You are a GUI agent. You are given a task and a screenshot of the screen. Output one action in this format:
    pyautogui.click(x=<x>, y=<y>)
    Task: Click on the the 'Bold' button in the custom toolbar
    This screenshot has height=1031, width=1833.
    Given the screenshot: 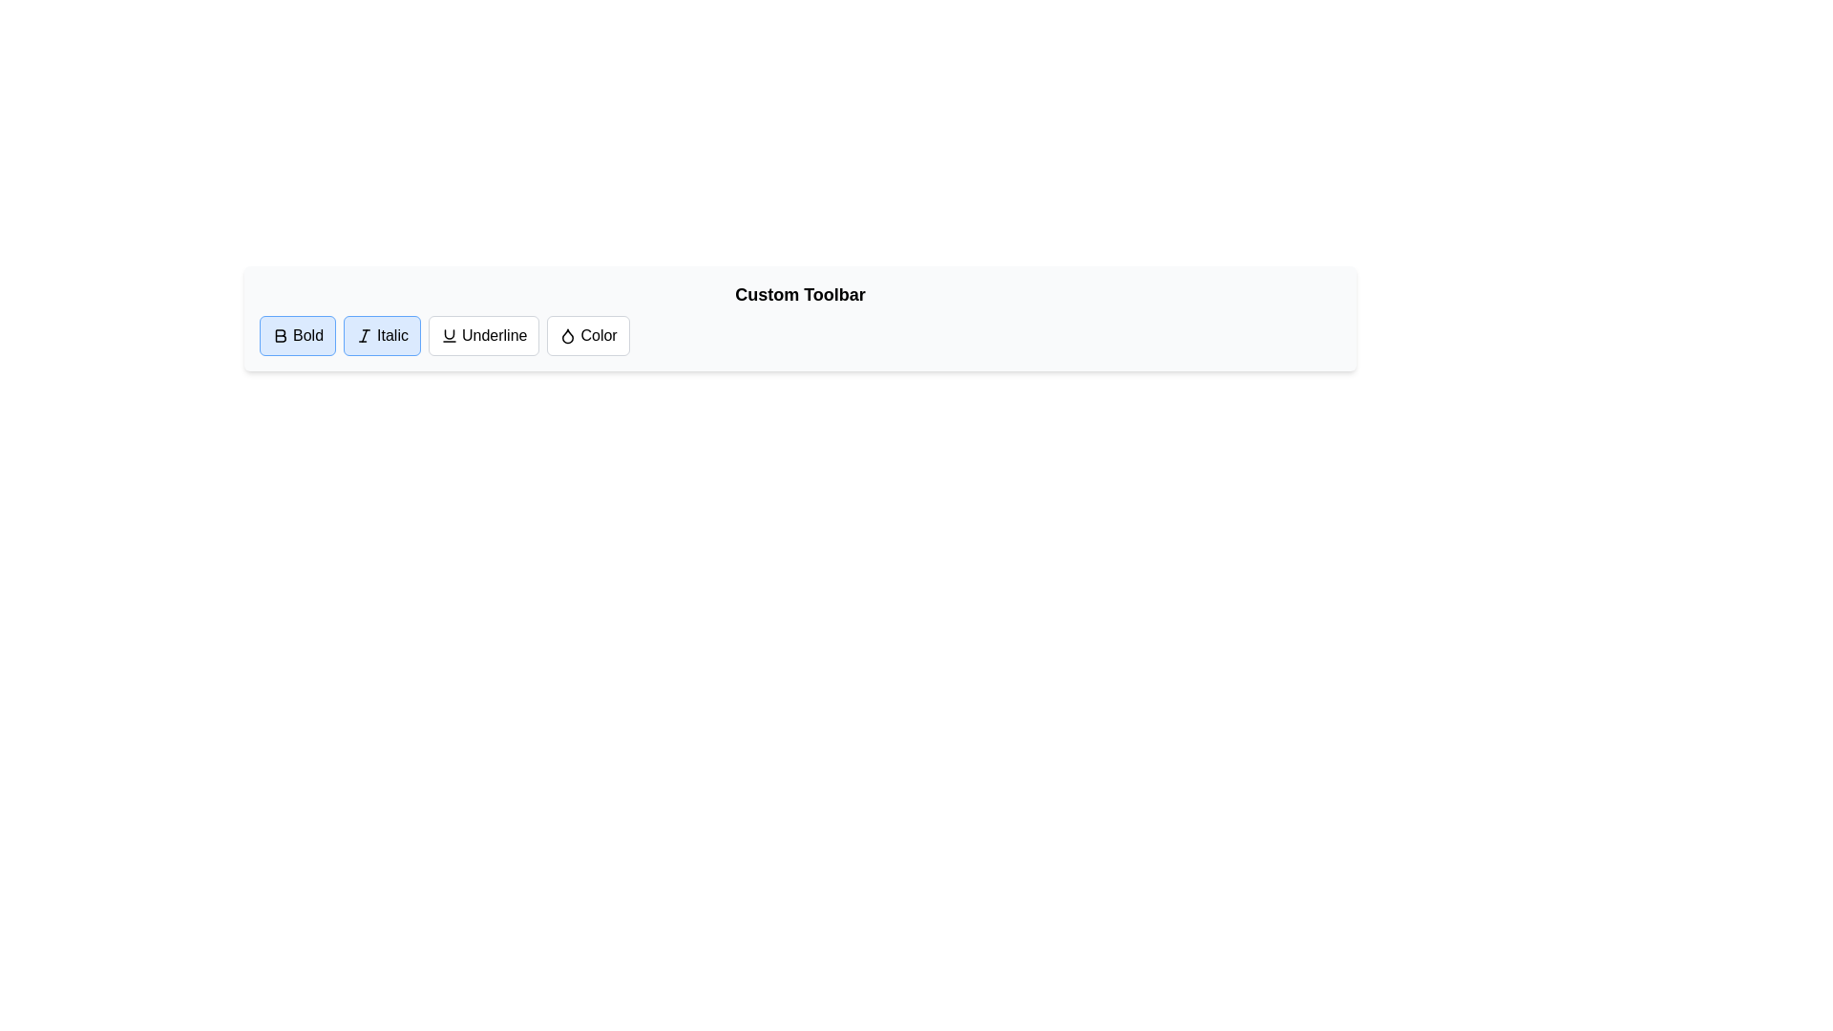 What is the action you would take?
    pyautogui.click(x=280, y=334)
    